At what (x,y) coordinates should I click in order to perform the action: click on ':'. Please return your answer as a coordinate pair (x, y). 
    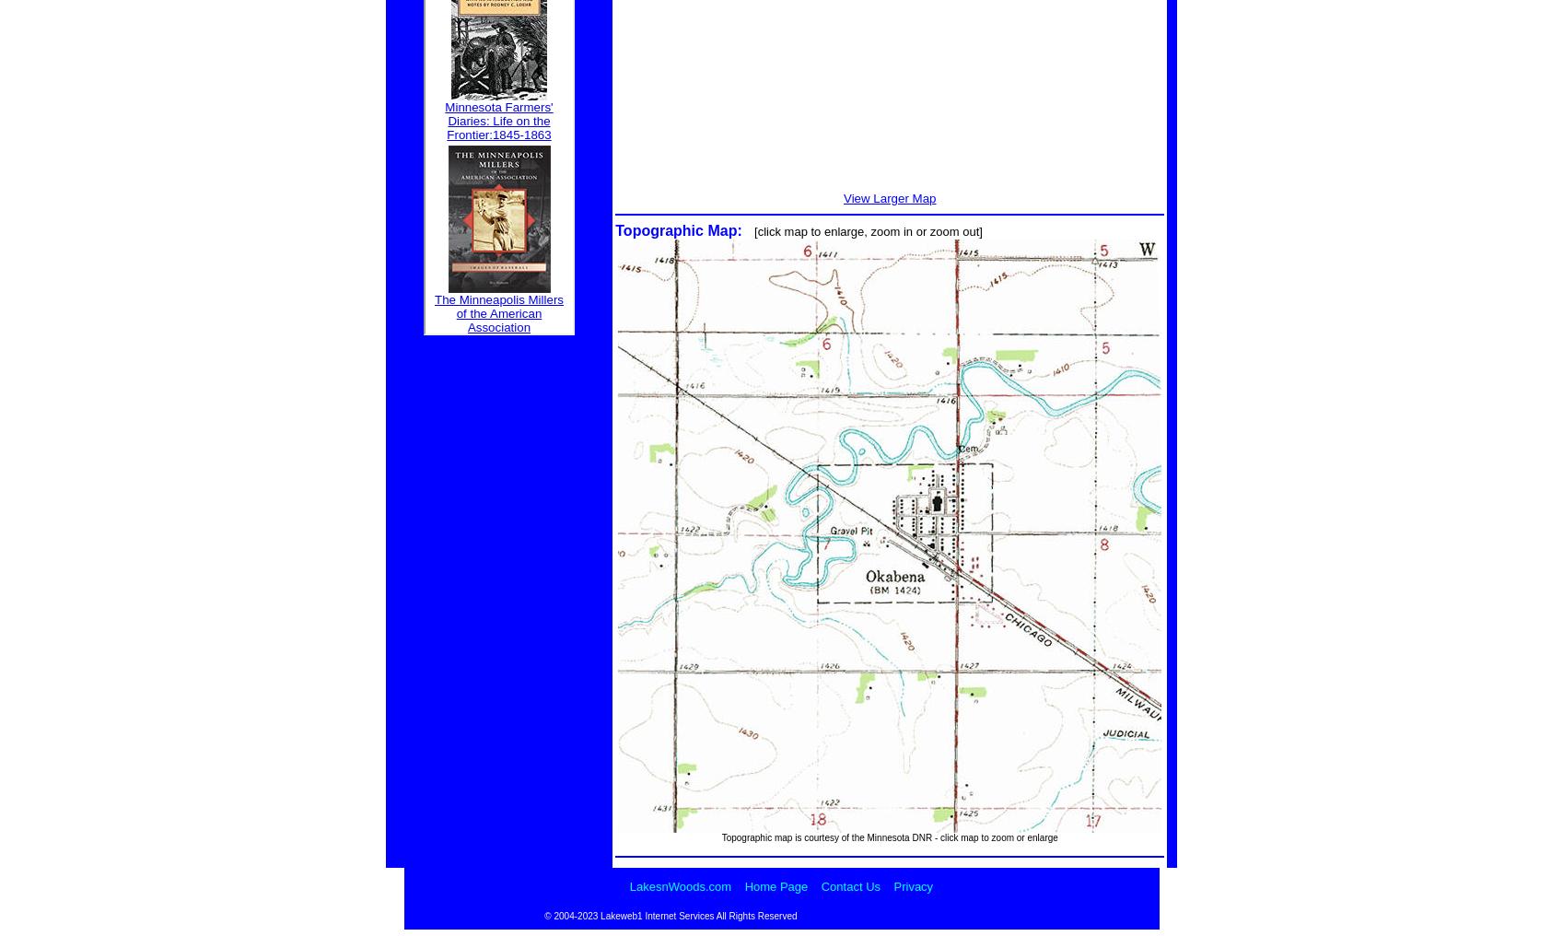
    Looking at the image, I should click on (745, 230).